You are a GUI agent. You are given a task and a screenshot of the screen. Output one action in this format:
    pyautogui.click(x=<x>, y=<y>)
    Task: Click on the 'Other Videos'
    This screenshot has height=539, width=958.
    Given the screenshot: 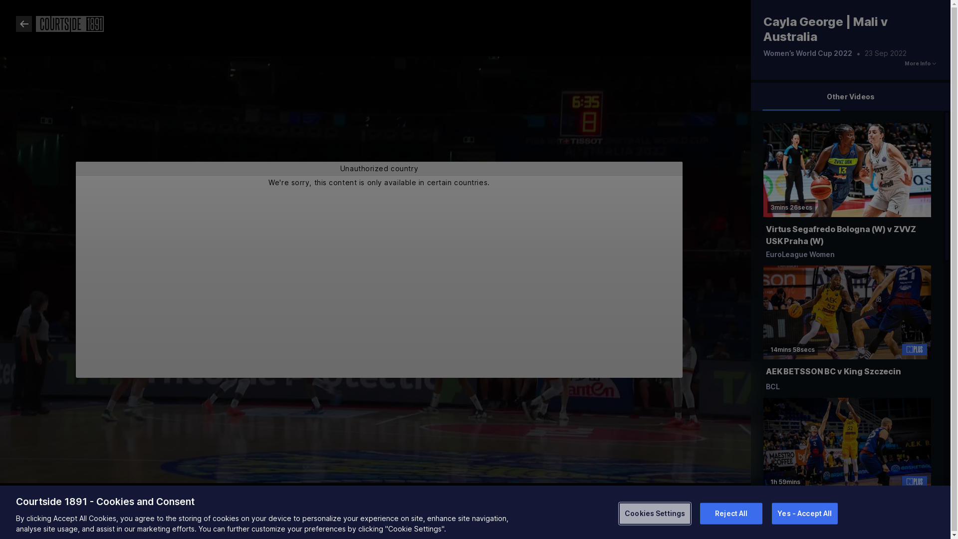 What is the action you would take?
    pyautogui.click(x=850, y=96)
    